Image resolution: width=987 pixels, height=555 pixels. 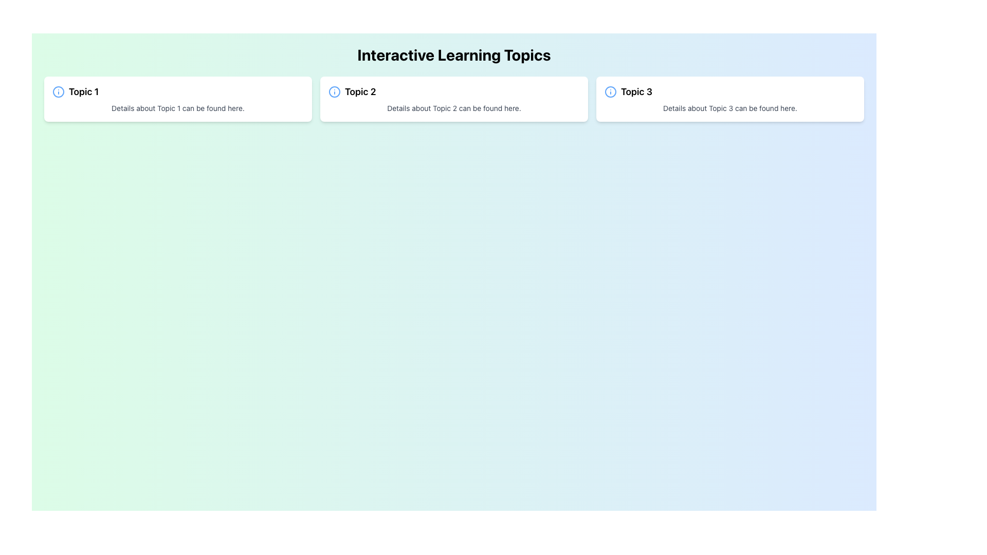 What do you see at coordinates (611, 91) in the screenshot?
I see `the blue circular outline of the SVG Circle located in the icon before the text 'Topic 3' in the interactive card` at bounding box center [611, 91].